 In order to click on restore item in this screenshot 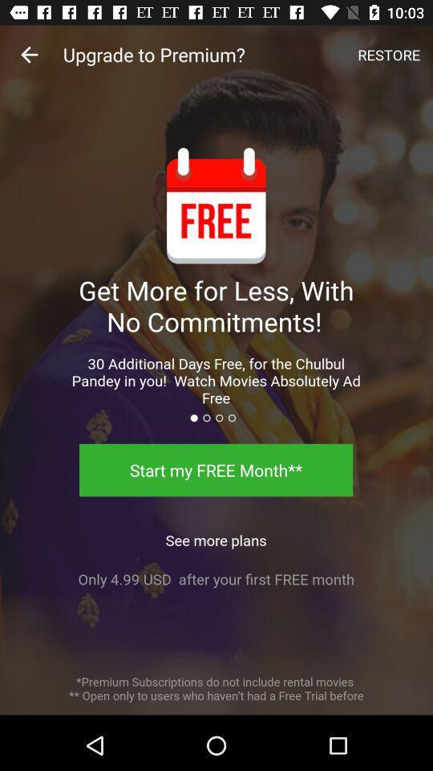, I will do `click(388, 55)`.